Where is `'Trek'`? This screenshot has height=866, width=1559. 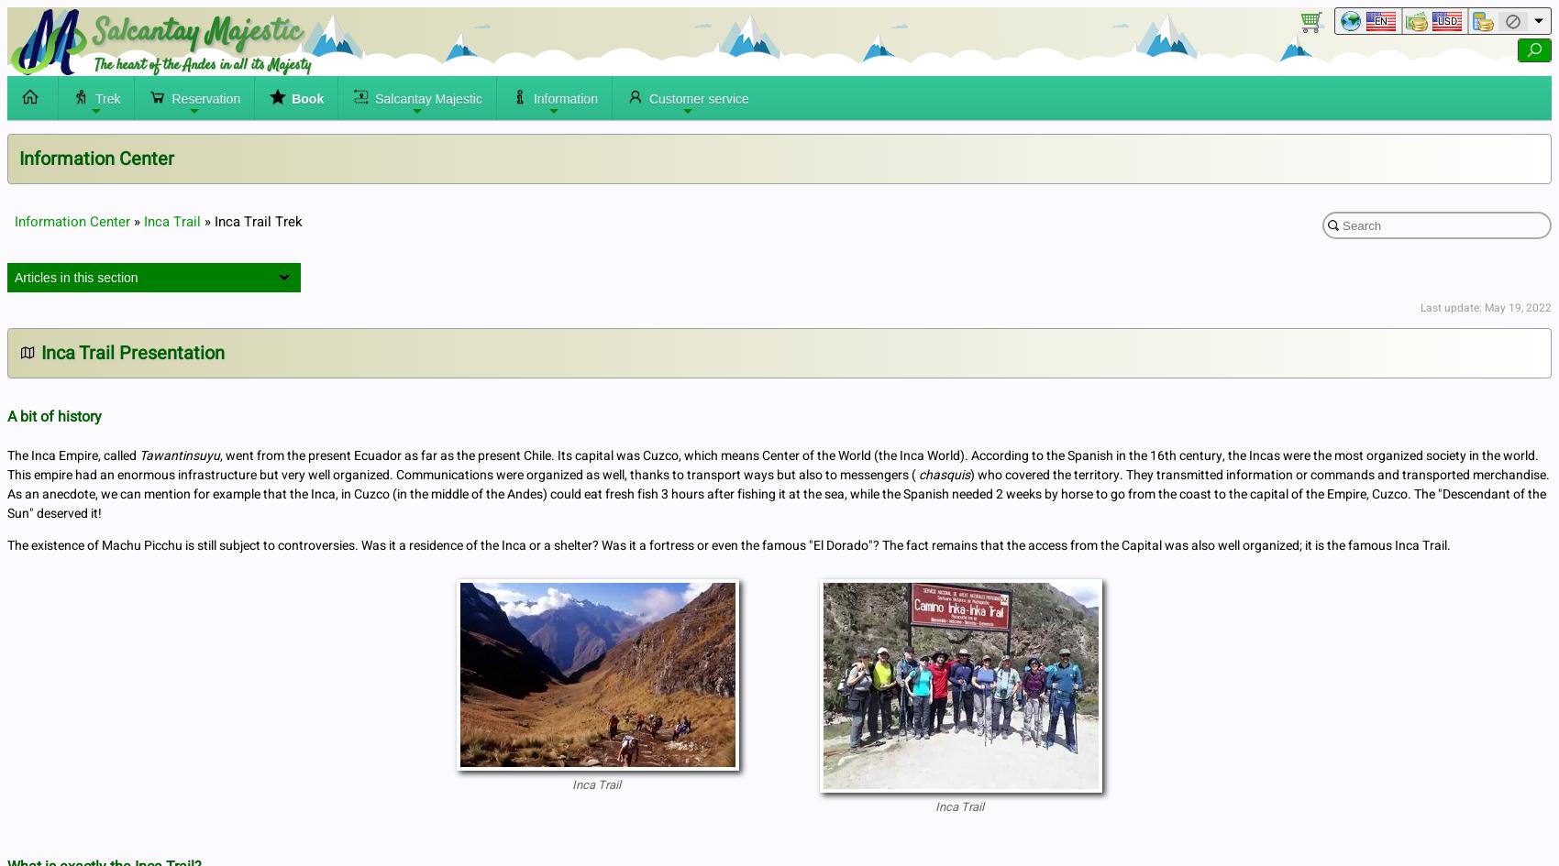
'Trek' is located at coordinates (106, 98).